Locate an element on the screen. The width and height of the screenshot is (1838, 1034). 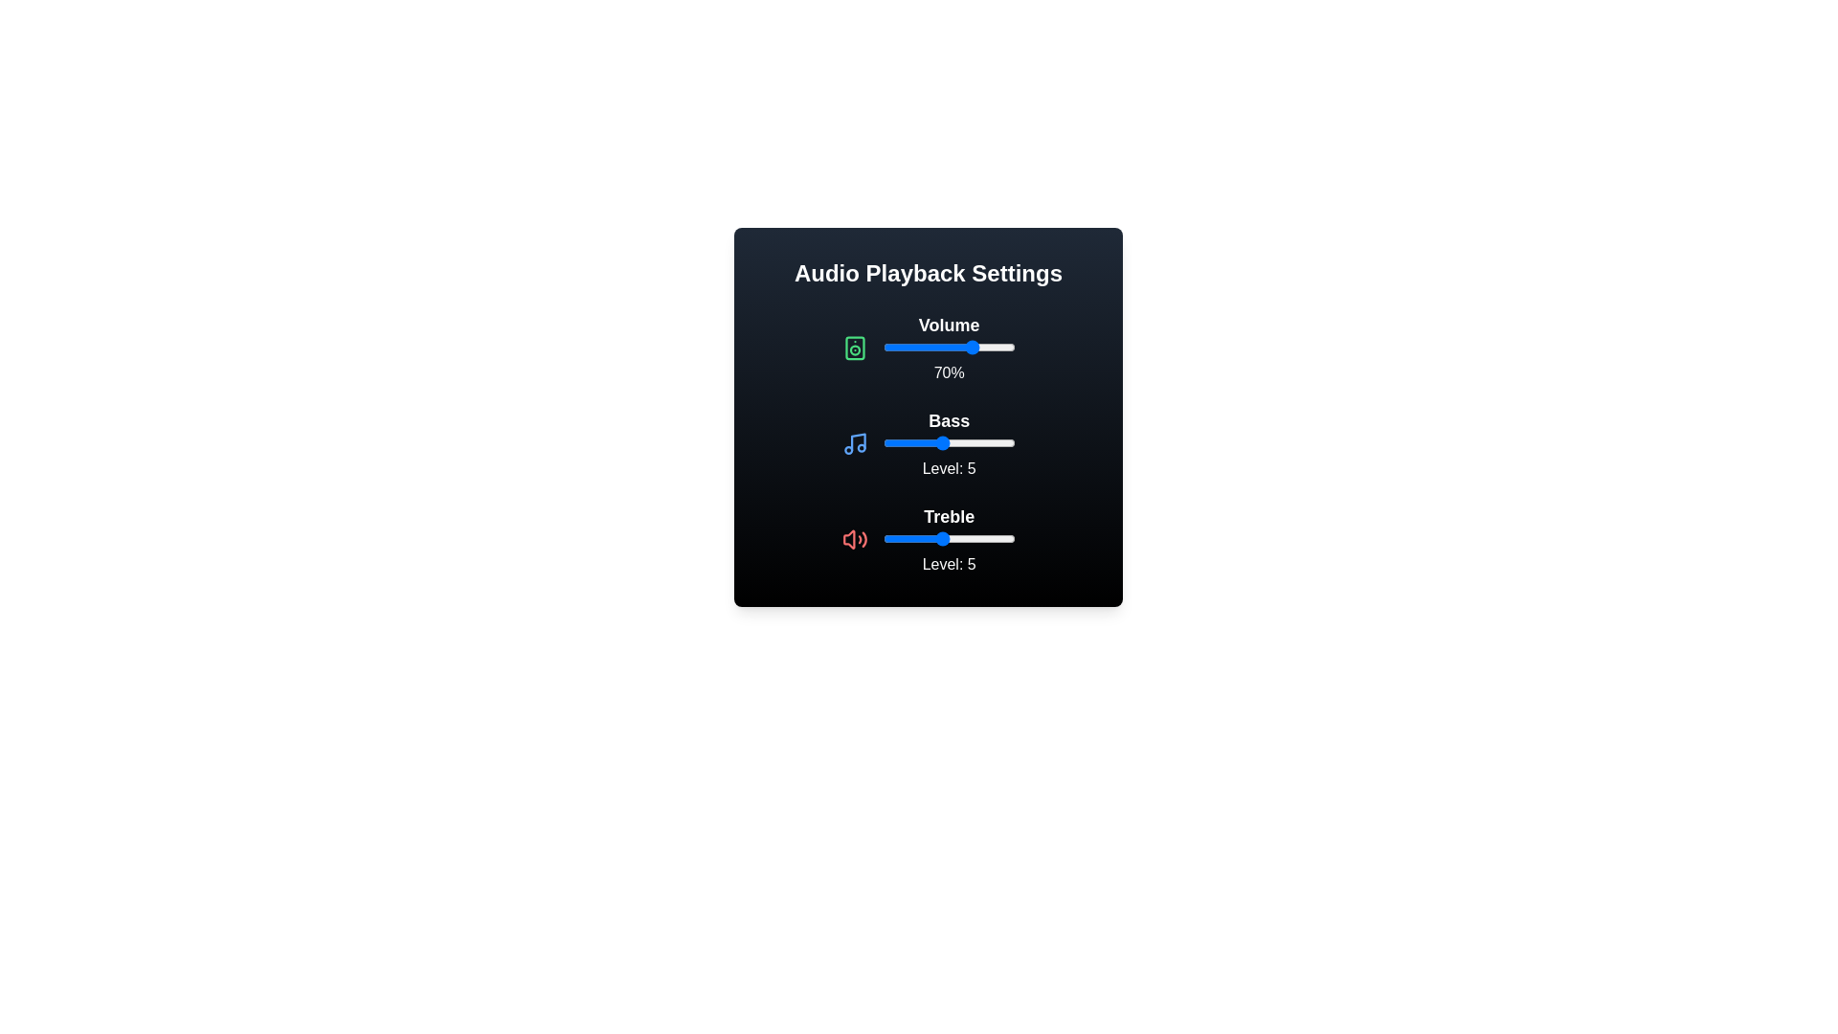
the volume slider is located at coordinates (927, 347).